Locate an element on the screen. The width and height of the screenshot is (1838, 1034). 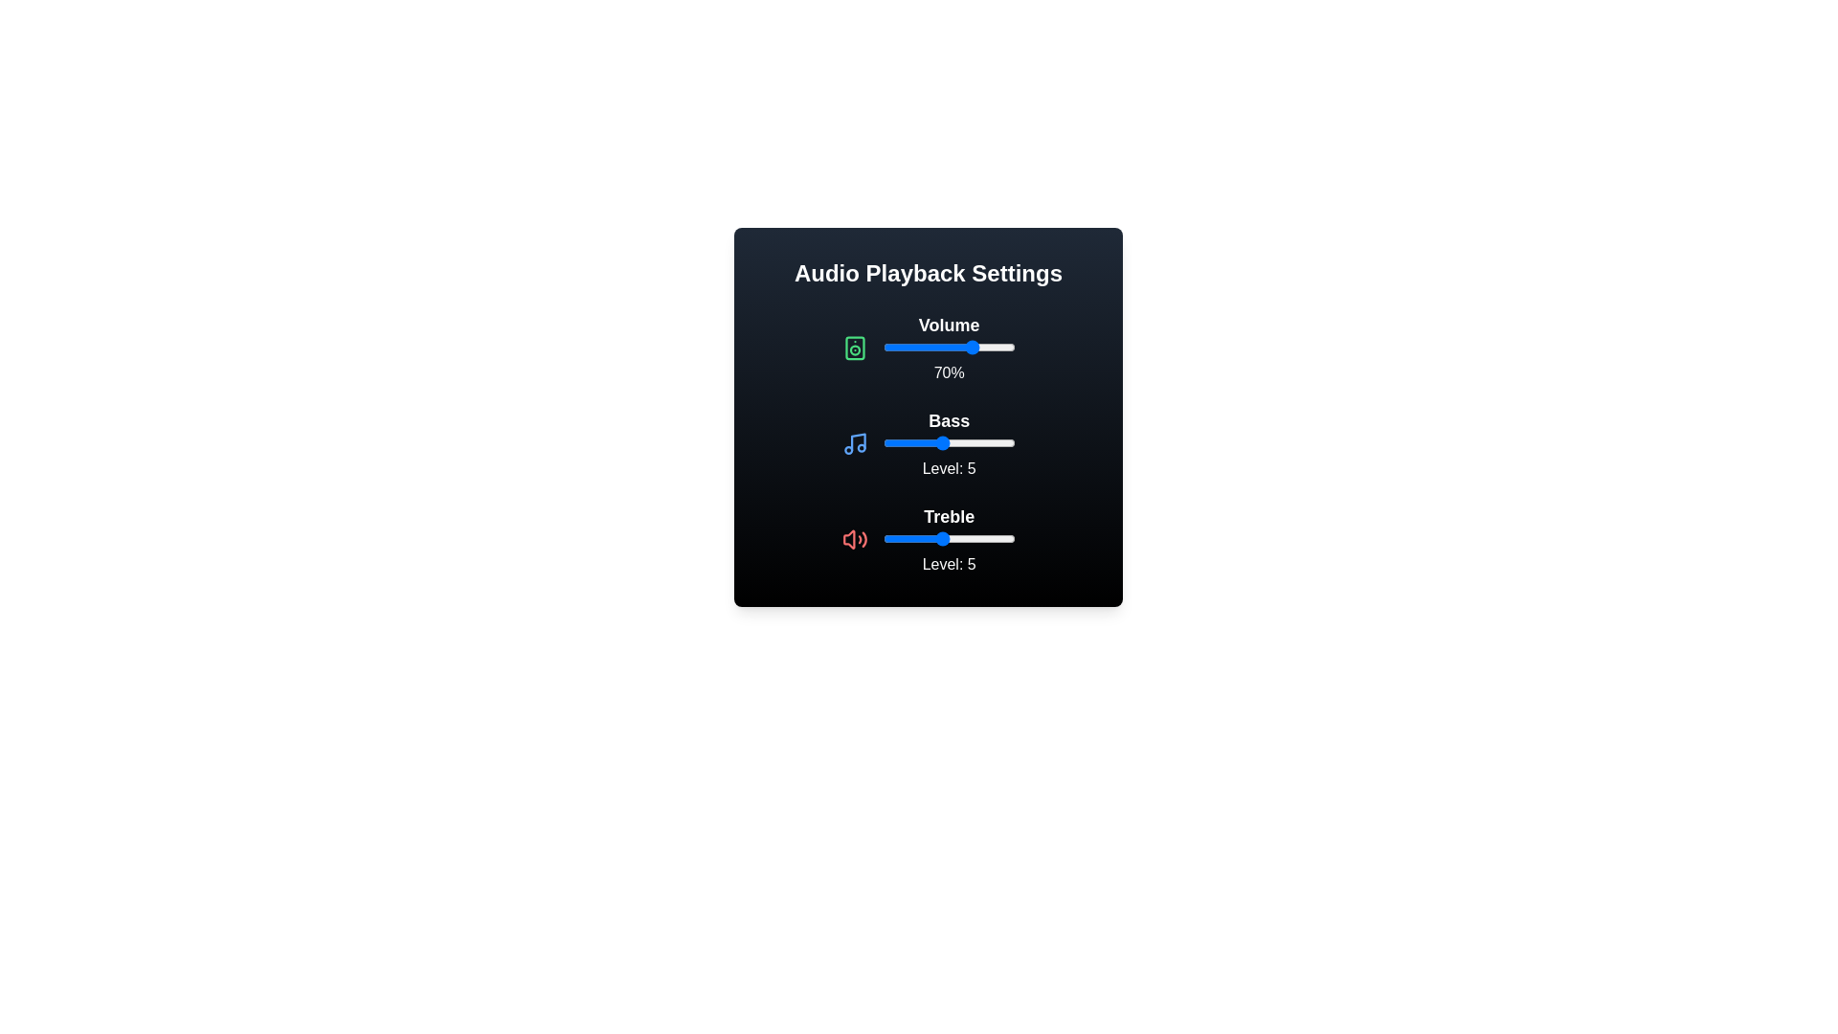
the volume slider is located at coordinates (927, 347).